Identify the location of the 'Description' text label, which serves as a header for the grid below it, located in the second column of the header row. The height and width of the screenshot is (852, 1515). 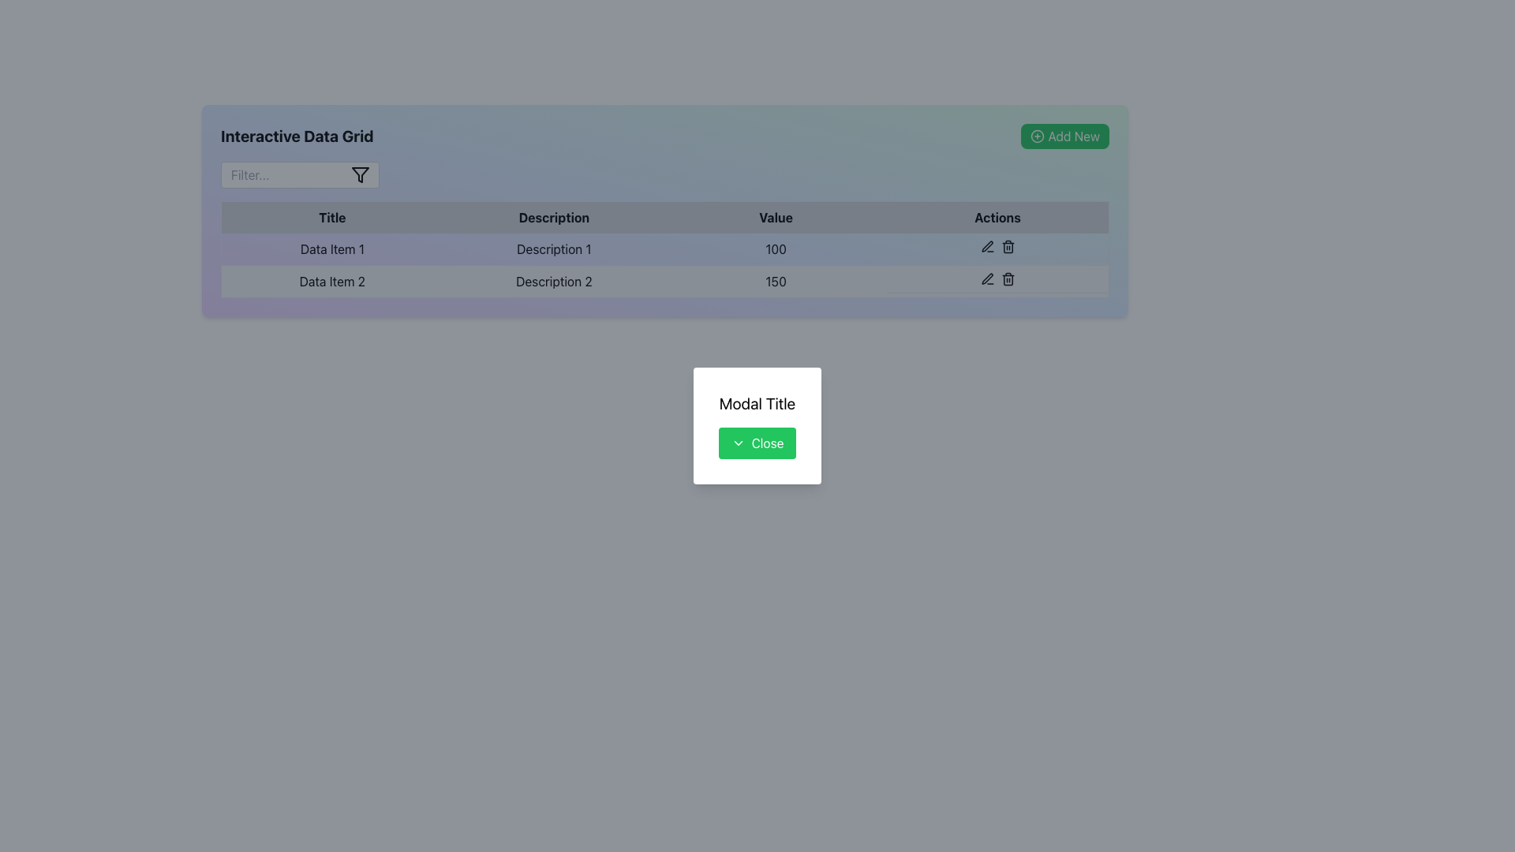
(554, 217).